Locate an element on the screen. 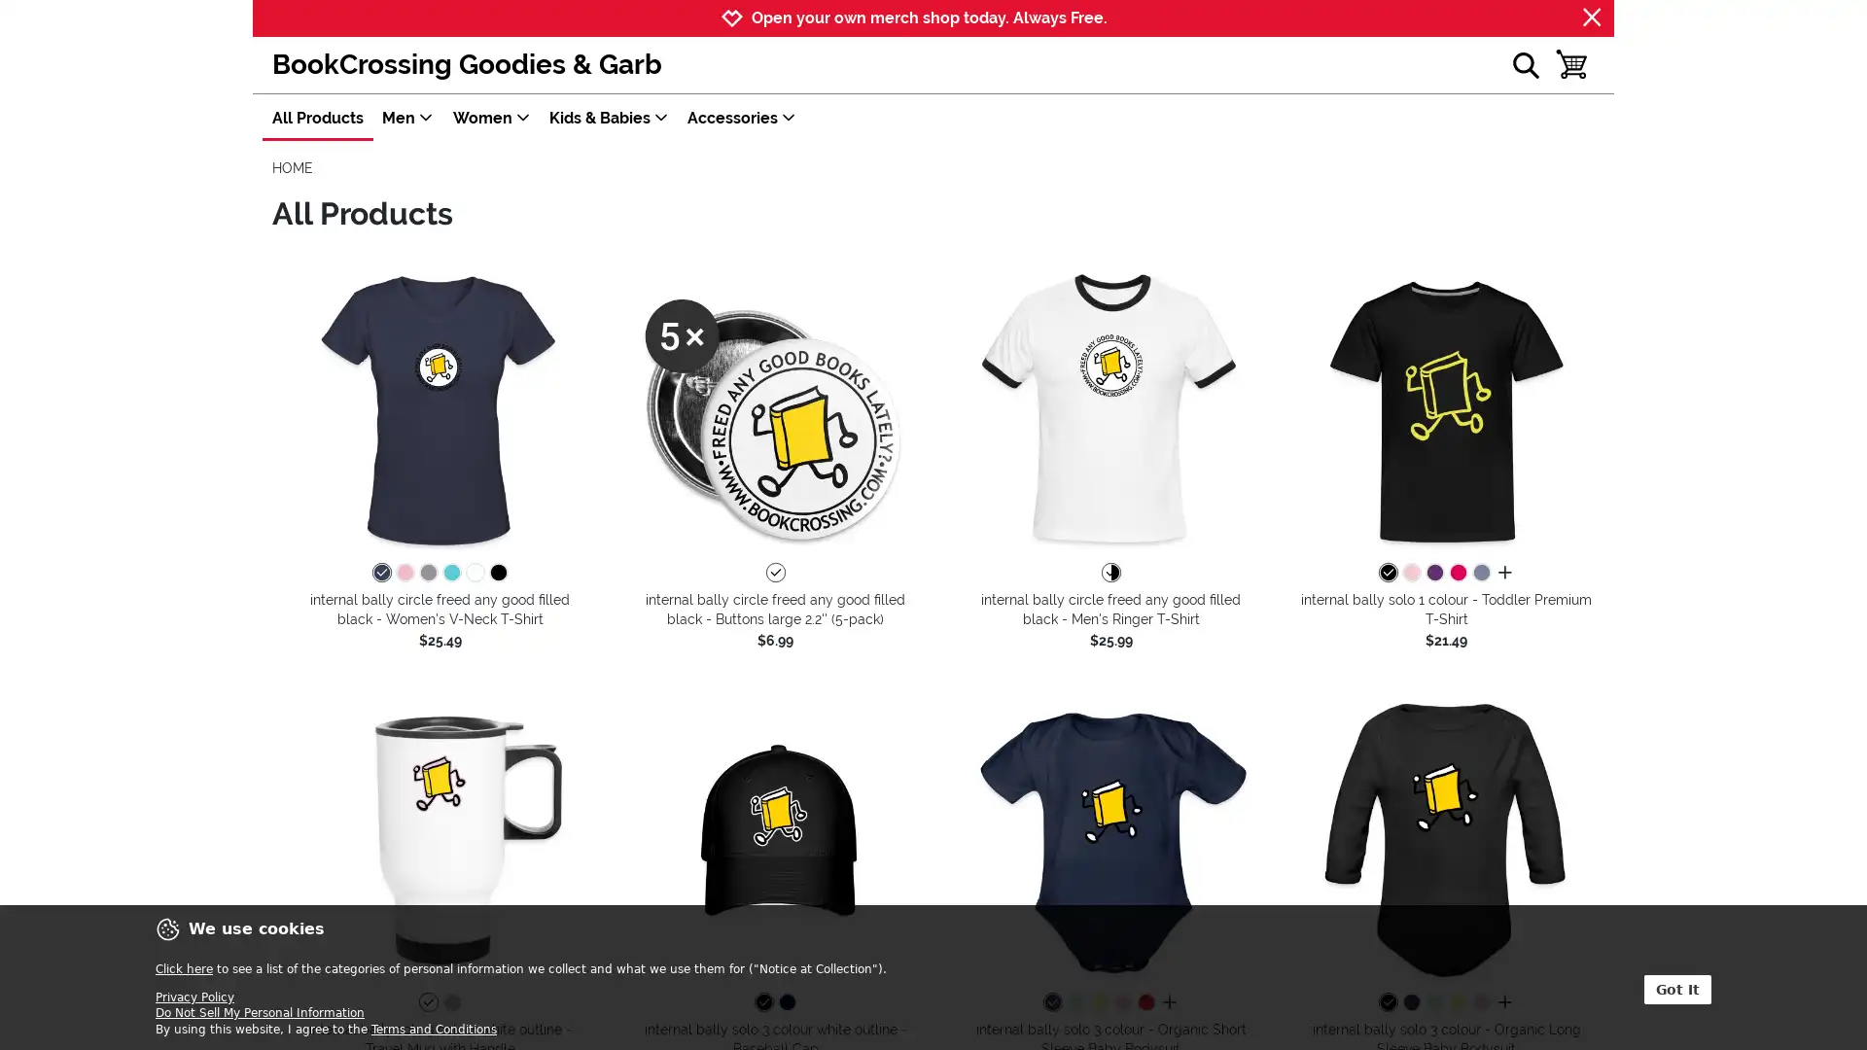  internal bally solo 3 colour - Organic Short Sleeve Baby Bodysuit is located at coordinates (1110, 838).